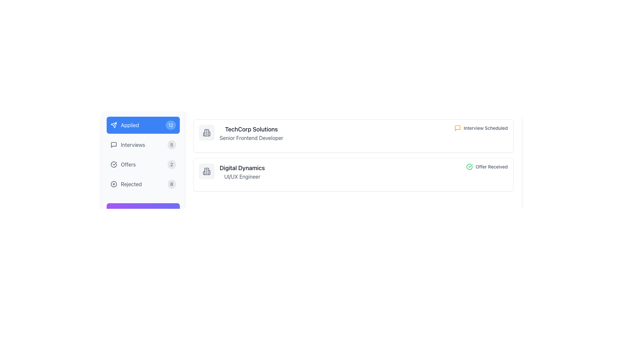 The width and height of the screenshot is (630, 354). I want to click on the SVG graphic element representing the 'Offers' category in the sidebar navigation menu, located next to the 'Offers' text entry, so click(114, 164).